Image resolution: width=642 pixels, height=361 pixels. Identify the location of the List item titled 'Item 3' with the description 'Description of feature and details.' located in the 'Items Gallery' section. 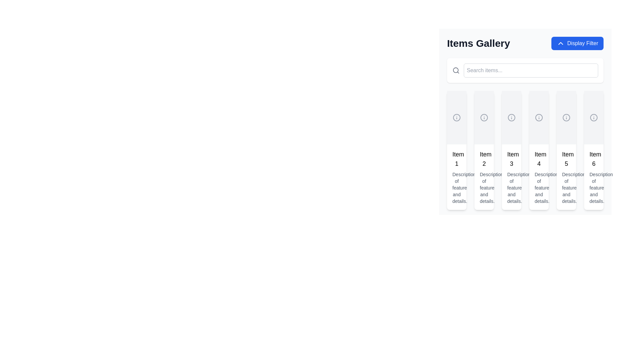
(511, 176).